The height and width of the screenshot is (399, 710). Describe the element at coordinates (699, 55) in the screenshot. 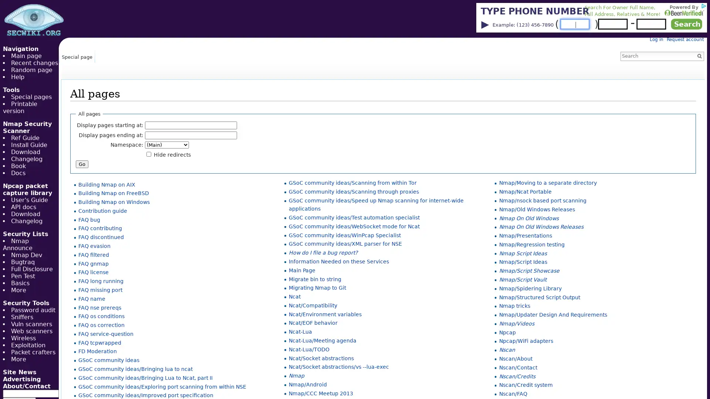

I see `Go` at that location.